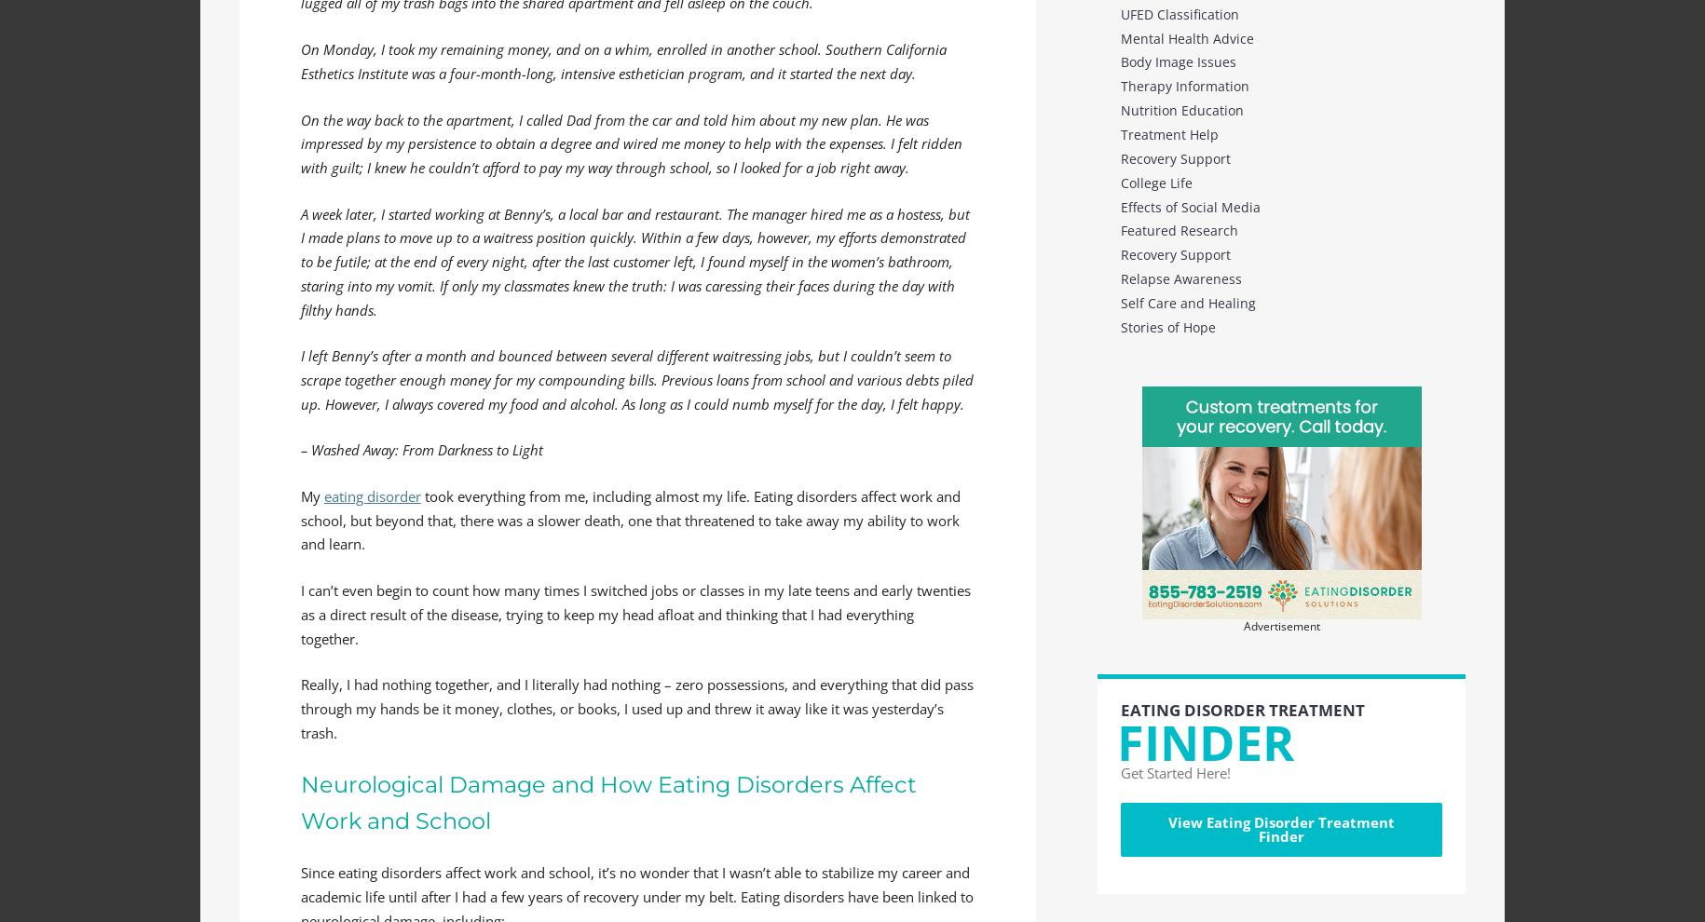  Describe the element at coordinates (300, 495) in the screenshot. I see `'My'` at that location.